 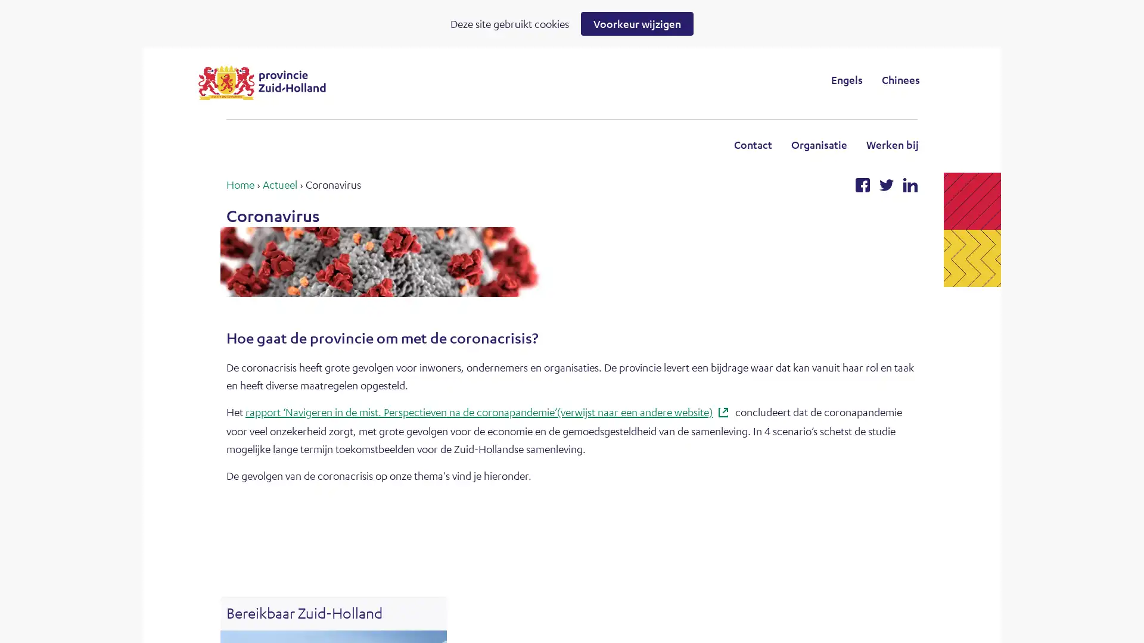 I want to click on Zoeken, so click(x=670, y=79).